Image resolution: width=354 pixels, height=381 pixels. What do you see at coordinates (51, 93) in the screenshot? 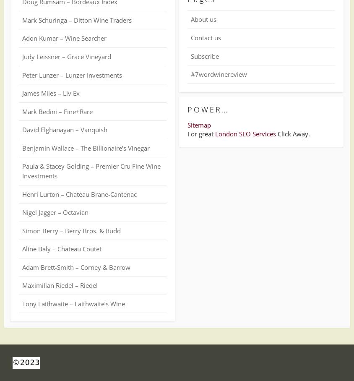
I see `'James Miles – Liv Ex'` at bounding box center [51, 93].